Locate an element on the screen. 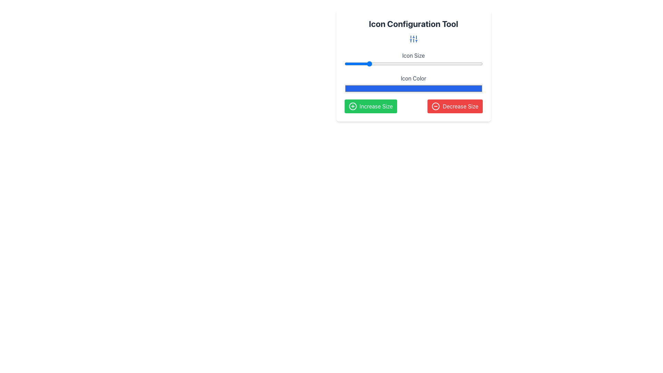  the icon size is located at coordinates (468, 64).